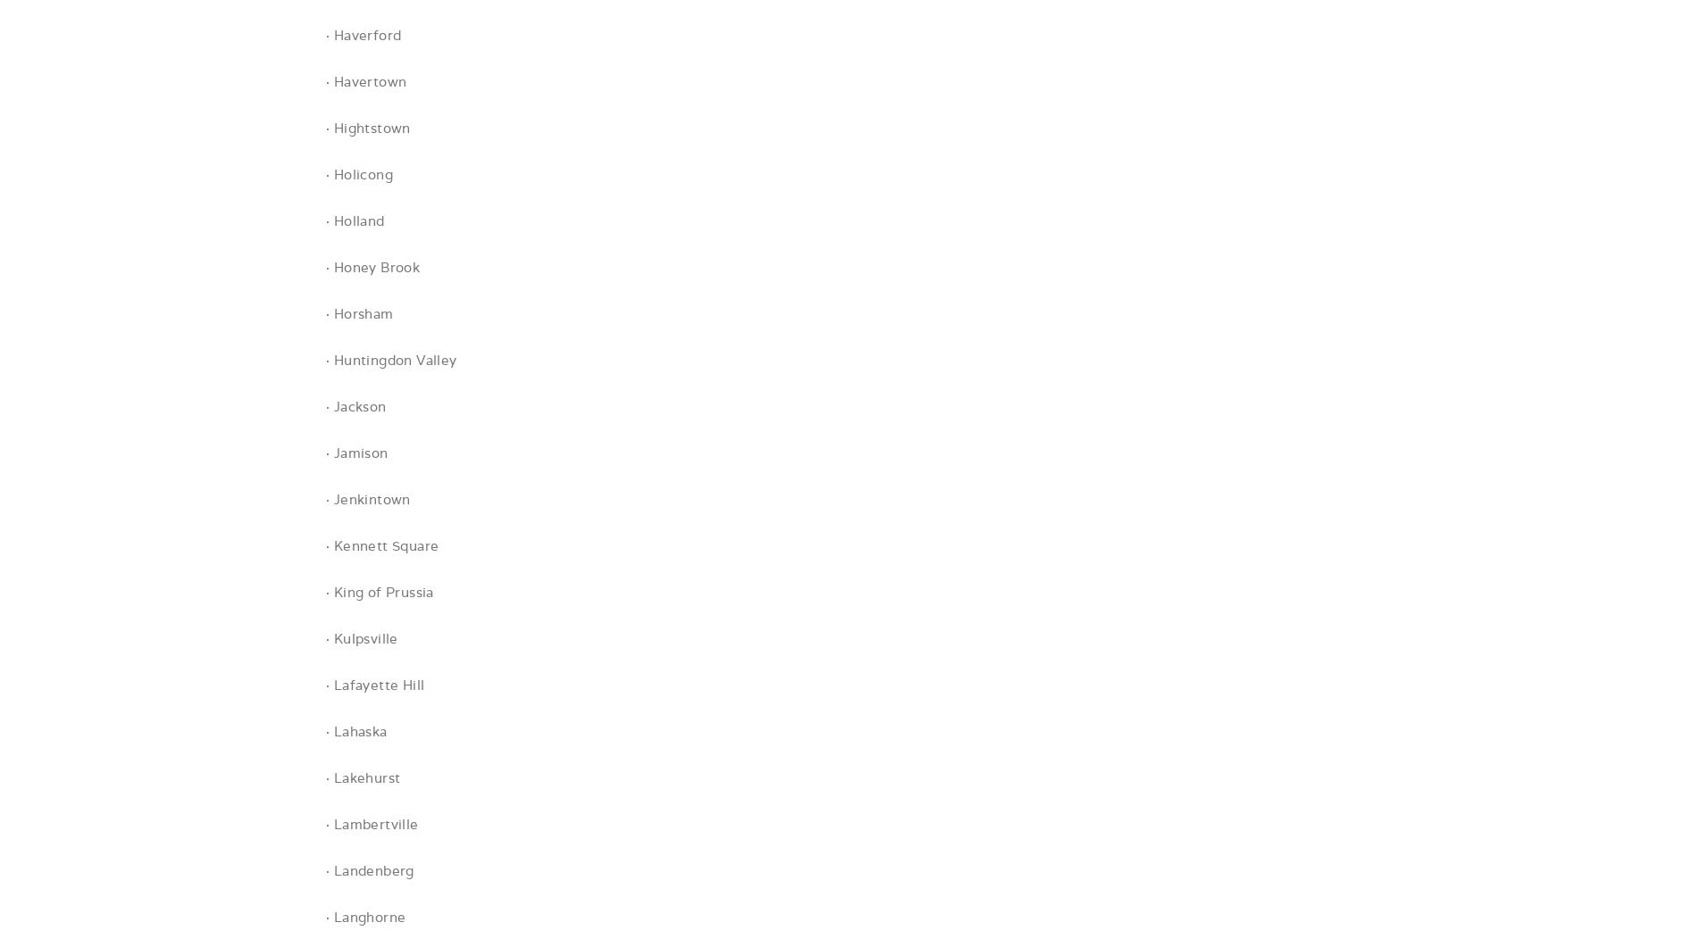 This screenshot has height=939, width=1697. Describe the element at coordinates (361, 638) in the screenshot. I see `'· Kulpsville'` at that location.